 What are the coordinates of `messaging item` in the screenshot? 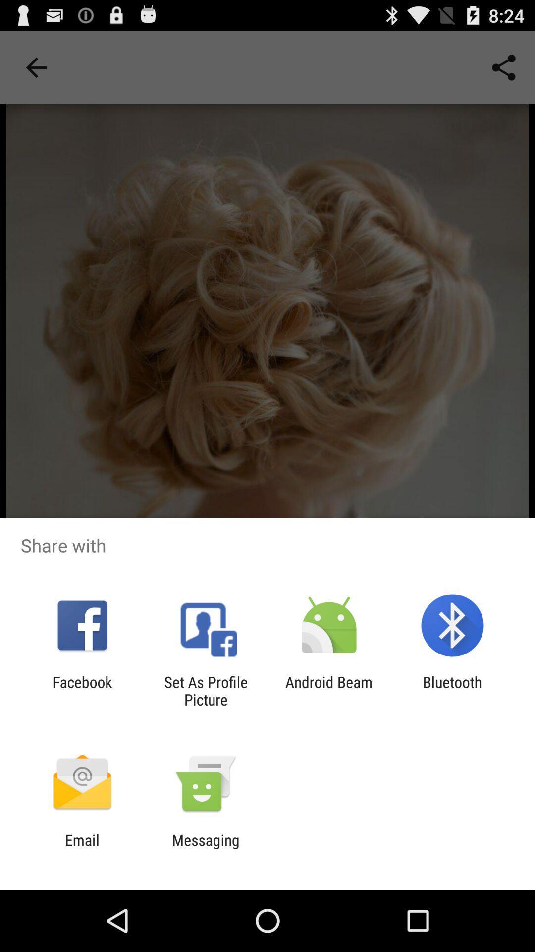 It's located at (205, 848).